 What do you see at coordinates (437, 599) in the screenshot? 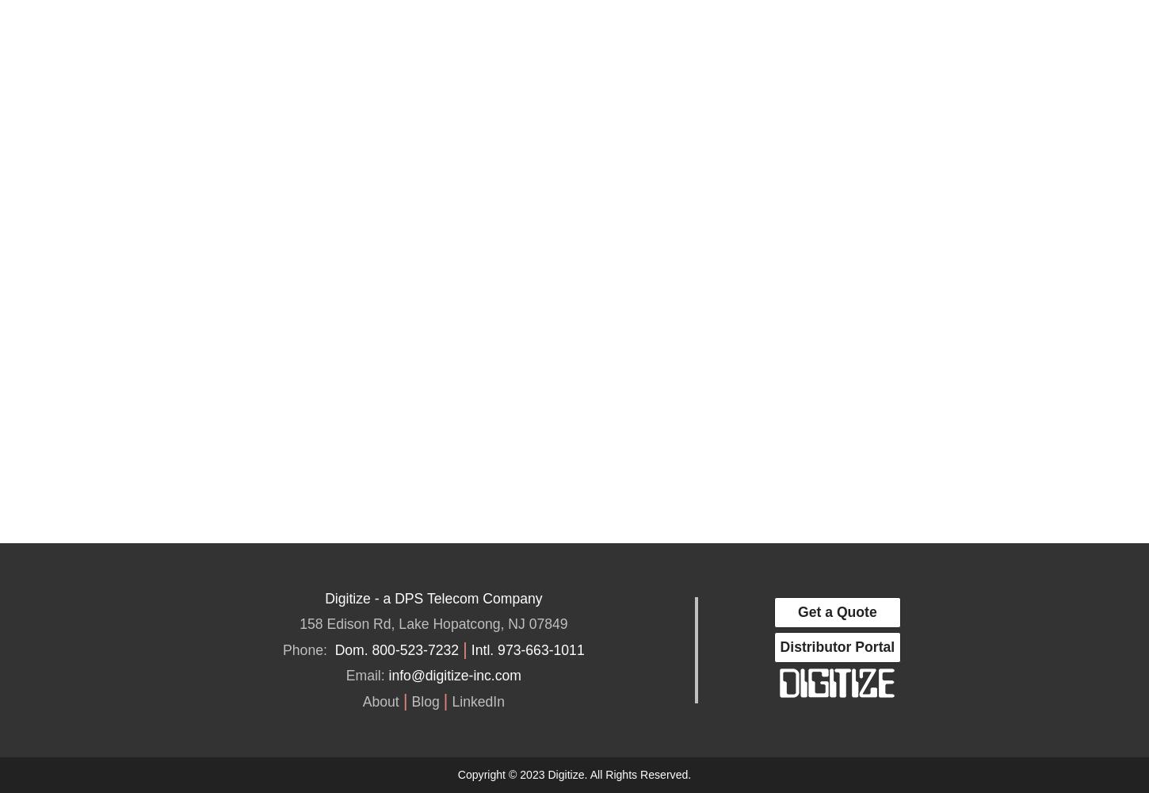
I see `'DPS Telecom'` at bounding box center [437, 599].